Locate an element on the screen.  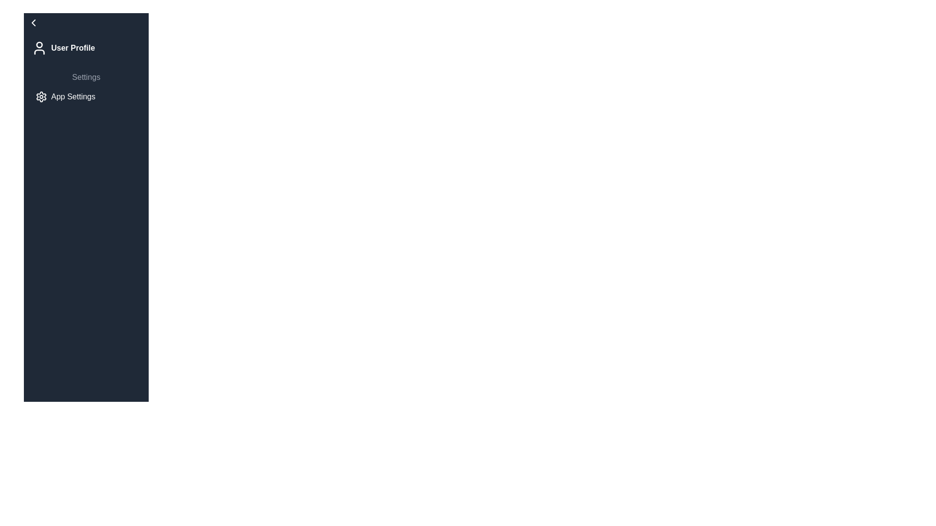
the user profile icon, which is a silhouetted figure within a circular boundary, located in the top-left corner of the interface in the sidebar menu is located at coordinates (39, 48).